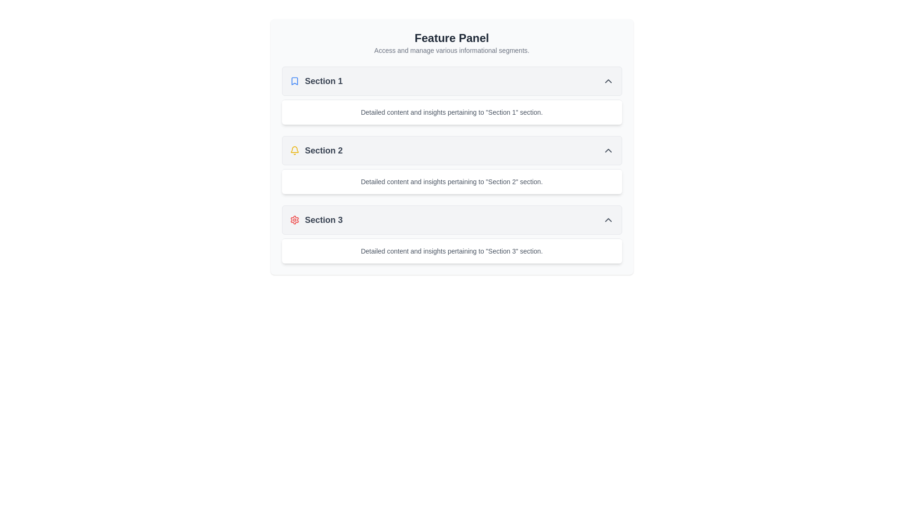 This screenshot has width=907, height=510. Describe the element at coordinates (324, 150) in the screenshot. I see `the text label displaying 'Section 2', which is styled in bold, large gray font and is located in the second section of the 'Feature Panel' interface, below 'Section 1' and above 'Section 3'` at that location.